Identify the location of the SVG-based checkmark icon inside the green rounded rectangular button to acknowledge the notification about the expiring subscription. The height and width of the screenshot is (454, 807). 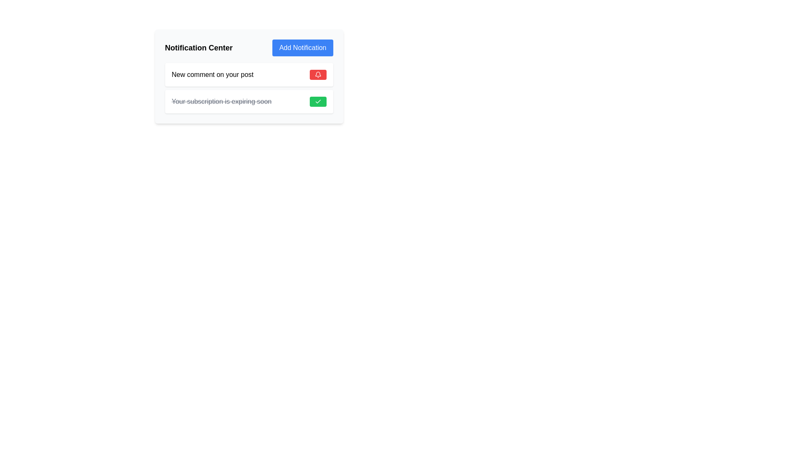
(317, 101).